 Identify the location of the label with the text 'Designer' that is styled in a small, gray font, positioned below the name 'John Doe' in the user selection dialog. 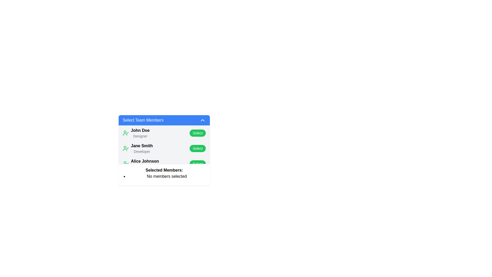
(140, 136).